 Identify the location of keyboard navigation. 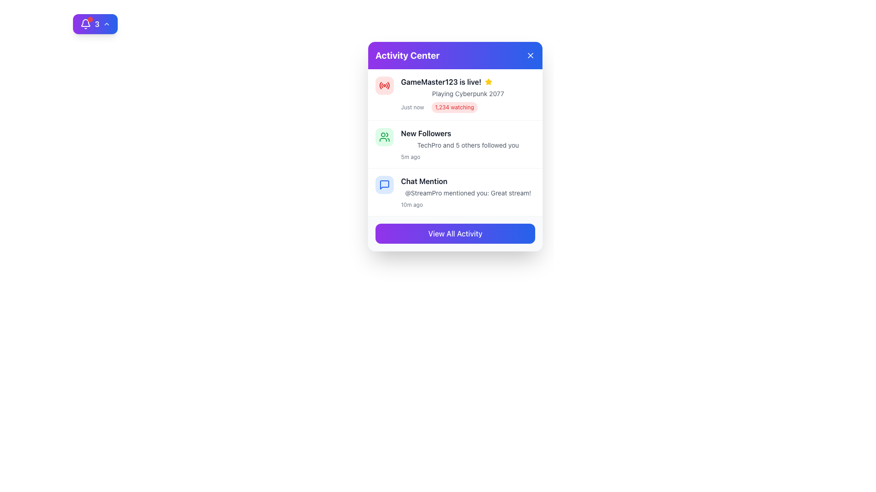
(455, 233).